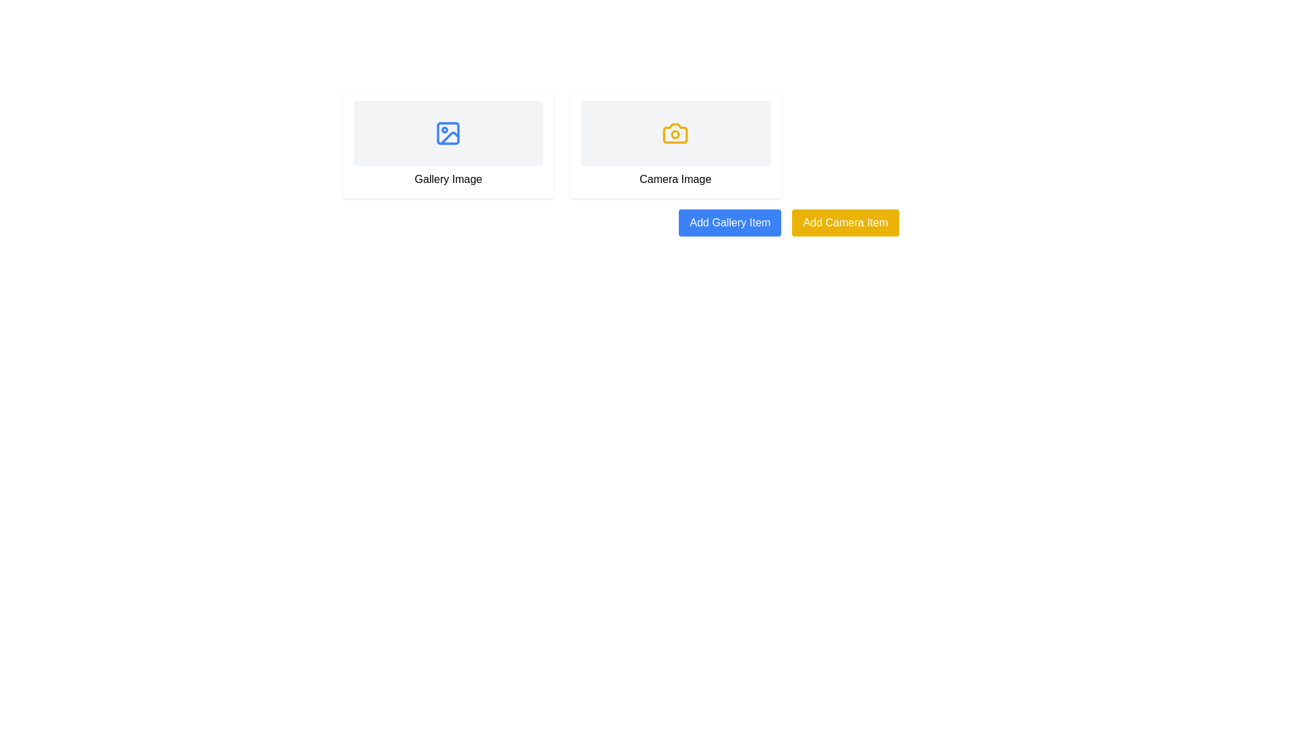 The height and width of the screenshot is (732, 1302). What do you see at coordinates (675, 134) in the screenshot?
I see `the lens representation within the camera icon, which is centrally positioned in the second panel labeled 'Camera Image'` at bounding box center [675, 134].